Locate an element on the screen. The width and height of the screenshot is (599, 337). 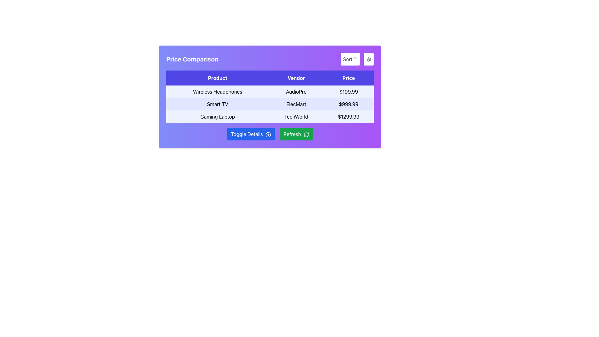
the blue button labeled 'Toggle Details' with a white text and an icon on the right is located at coordinates (251, 134).